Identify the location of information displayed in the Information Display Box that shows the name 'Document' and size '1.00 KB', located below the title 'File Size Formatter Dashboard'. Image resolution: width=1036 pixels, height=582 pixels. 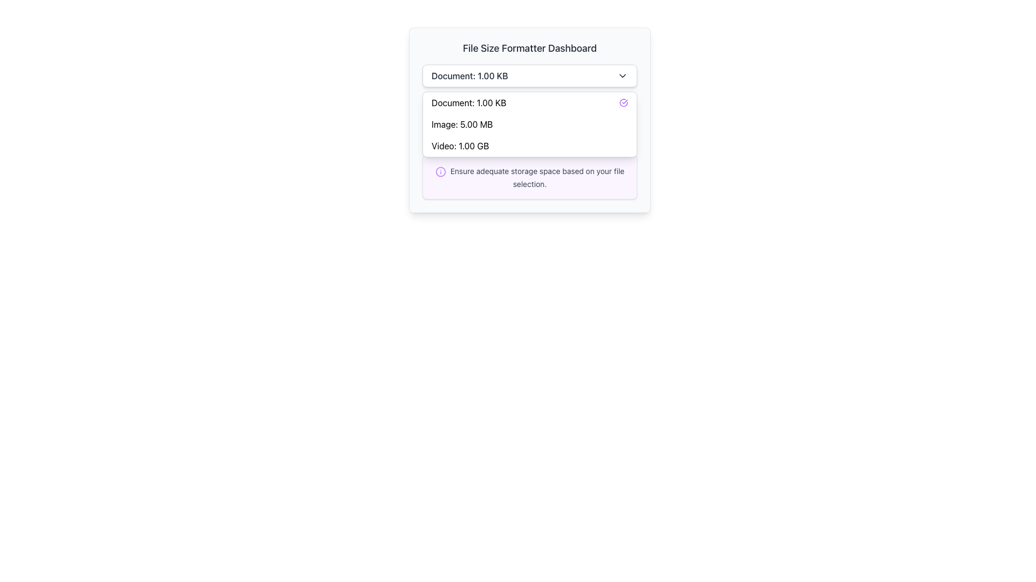
(530, 121).